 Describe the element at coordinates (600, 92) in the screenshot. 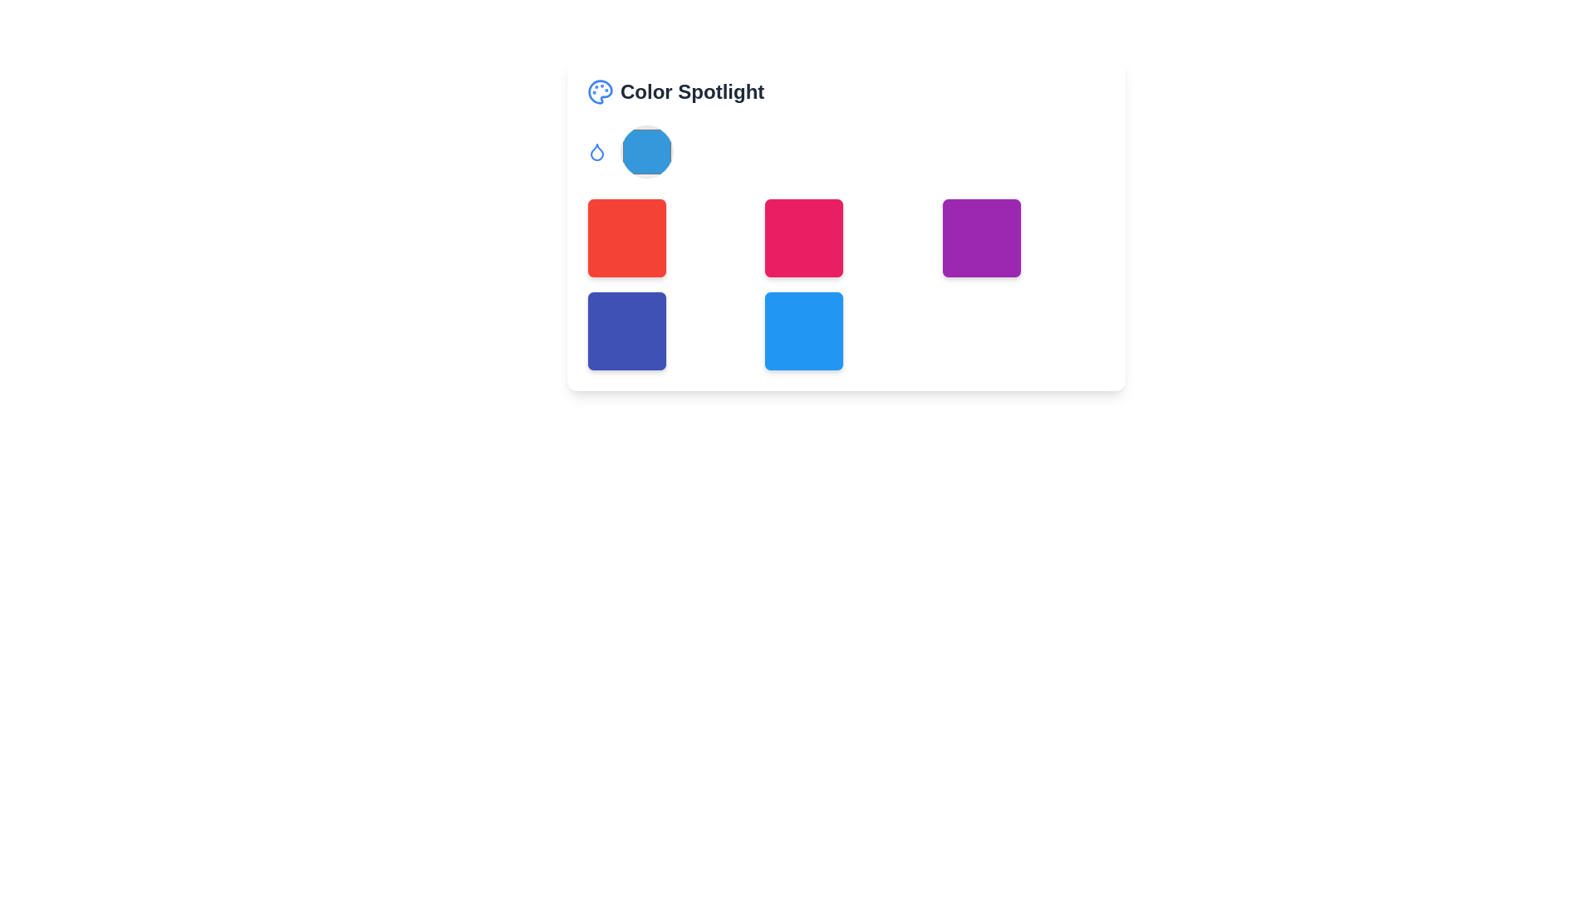

I see `the color selection icon located in the header section labeled 'Color Spotlight', positioned to the left of the text` at that location.